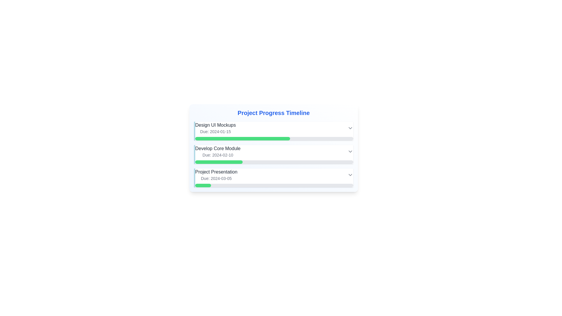 The width and height of the screenshot is (562, 316). What do you see at coordinates (217, 154) in the screenshot?
I see `the Text Label displaying 'Due: 2024-02-10' which is located directly below 'Develop Core Module' and aligned to its left margin` at bounding box center [217, 154].